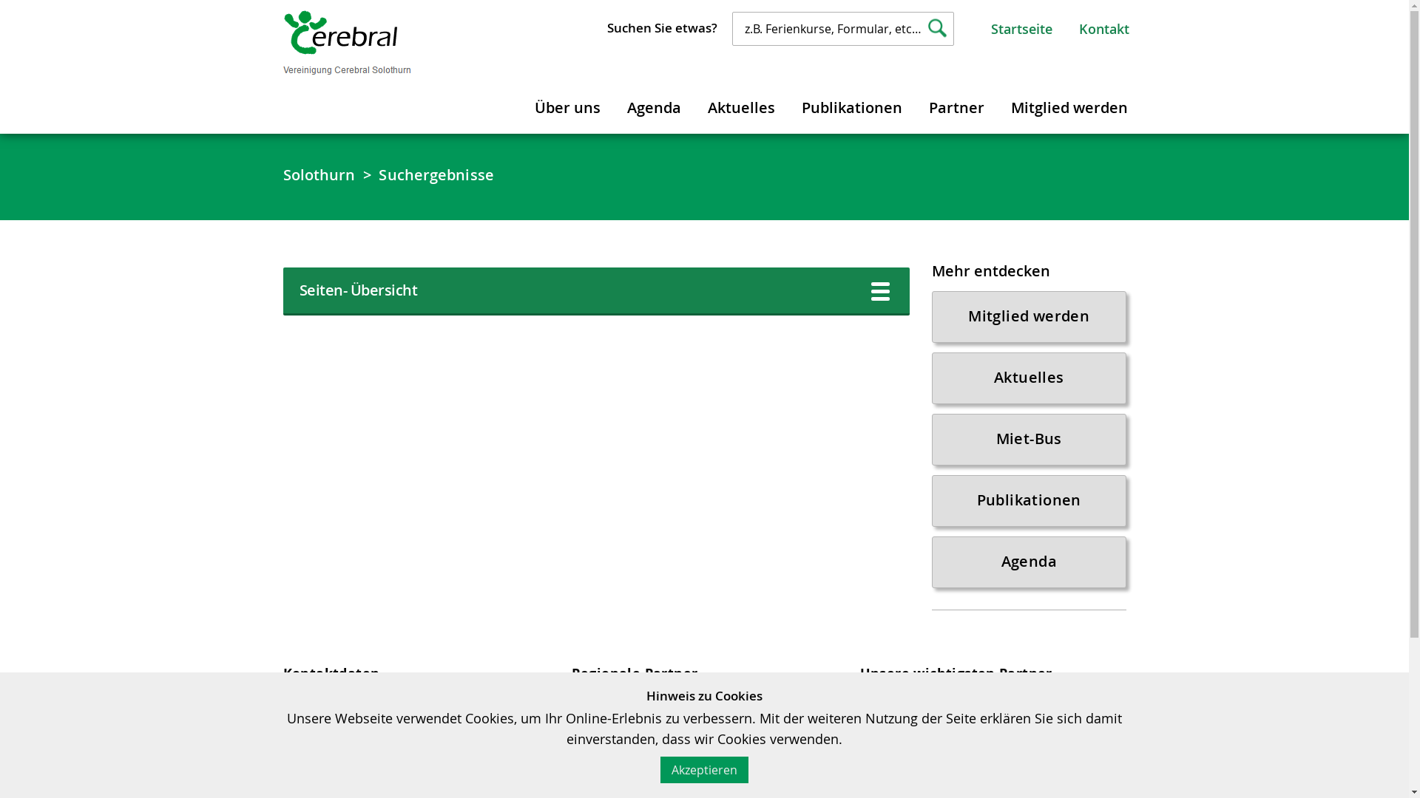  What do you see at coordinates (1103, 28) in the screenshot?
I see `'Kontakt'` at bounding box center [1103, 28].